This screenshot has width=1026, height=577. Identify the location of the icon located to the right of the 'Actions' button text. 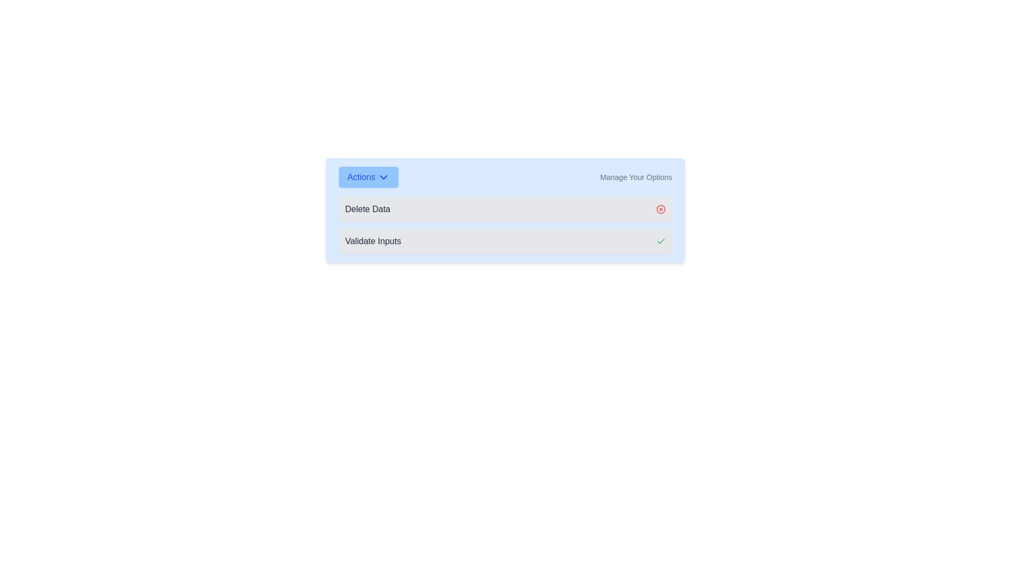
(384, 176).